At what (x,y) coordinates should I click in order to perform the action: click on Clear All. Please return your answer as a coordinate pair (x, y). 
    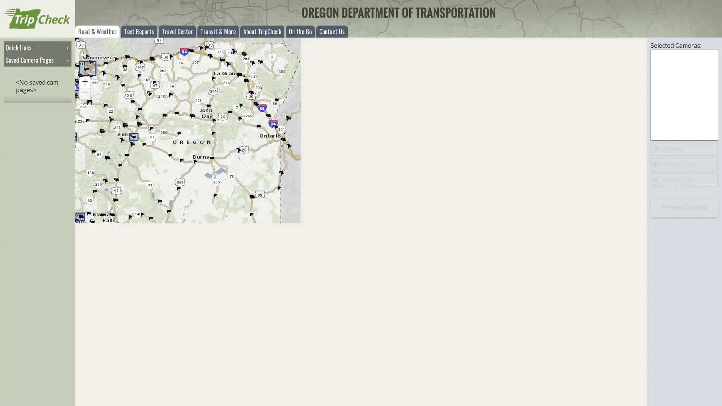
    Looking at the image, I should click on (684, 149).